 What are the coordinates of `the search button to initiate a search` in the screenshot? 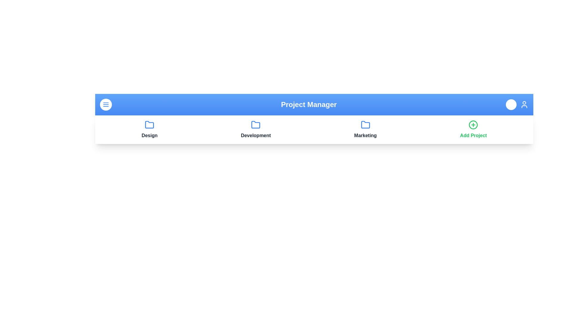 It's located at (511, 104).